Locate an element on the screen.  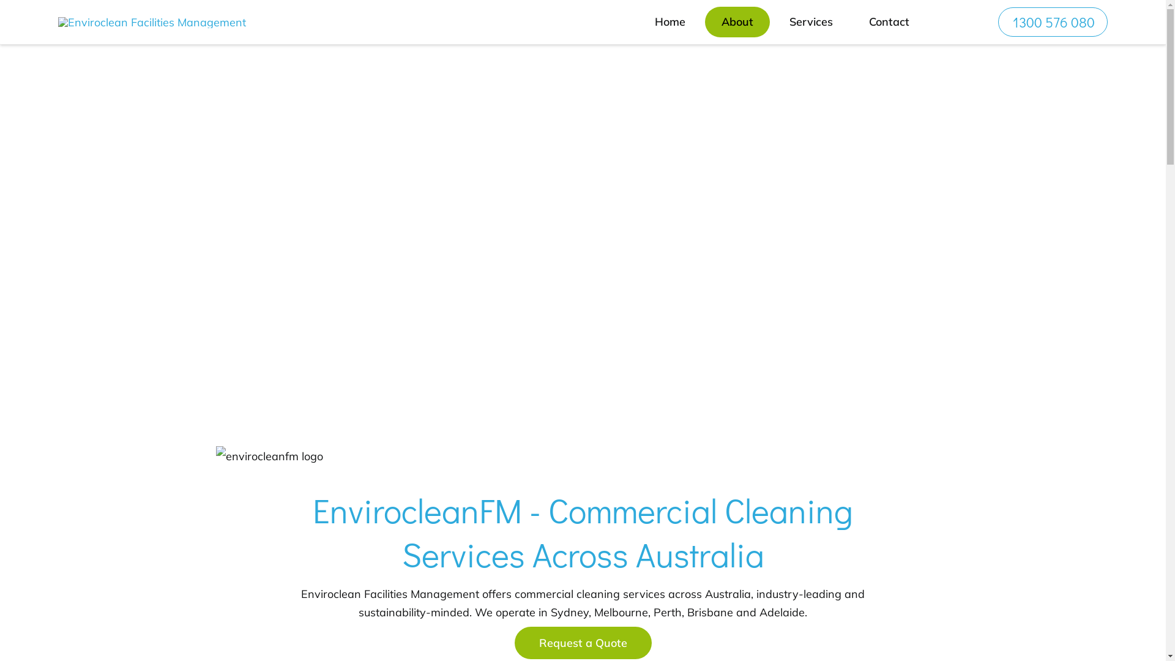
'Services' is located at coordinates (772, 21).